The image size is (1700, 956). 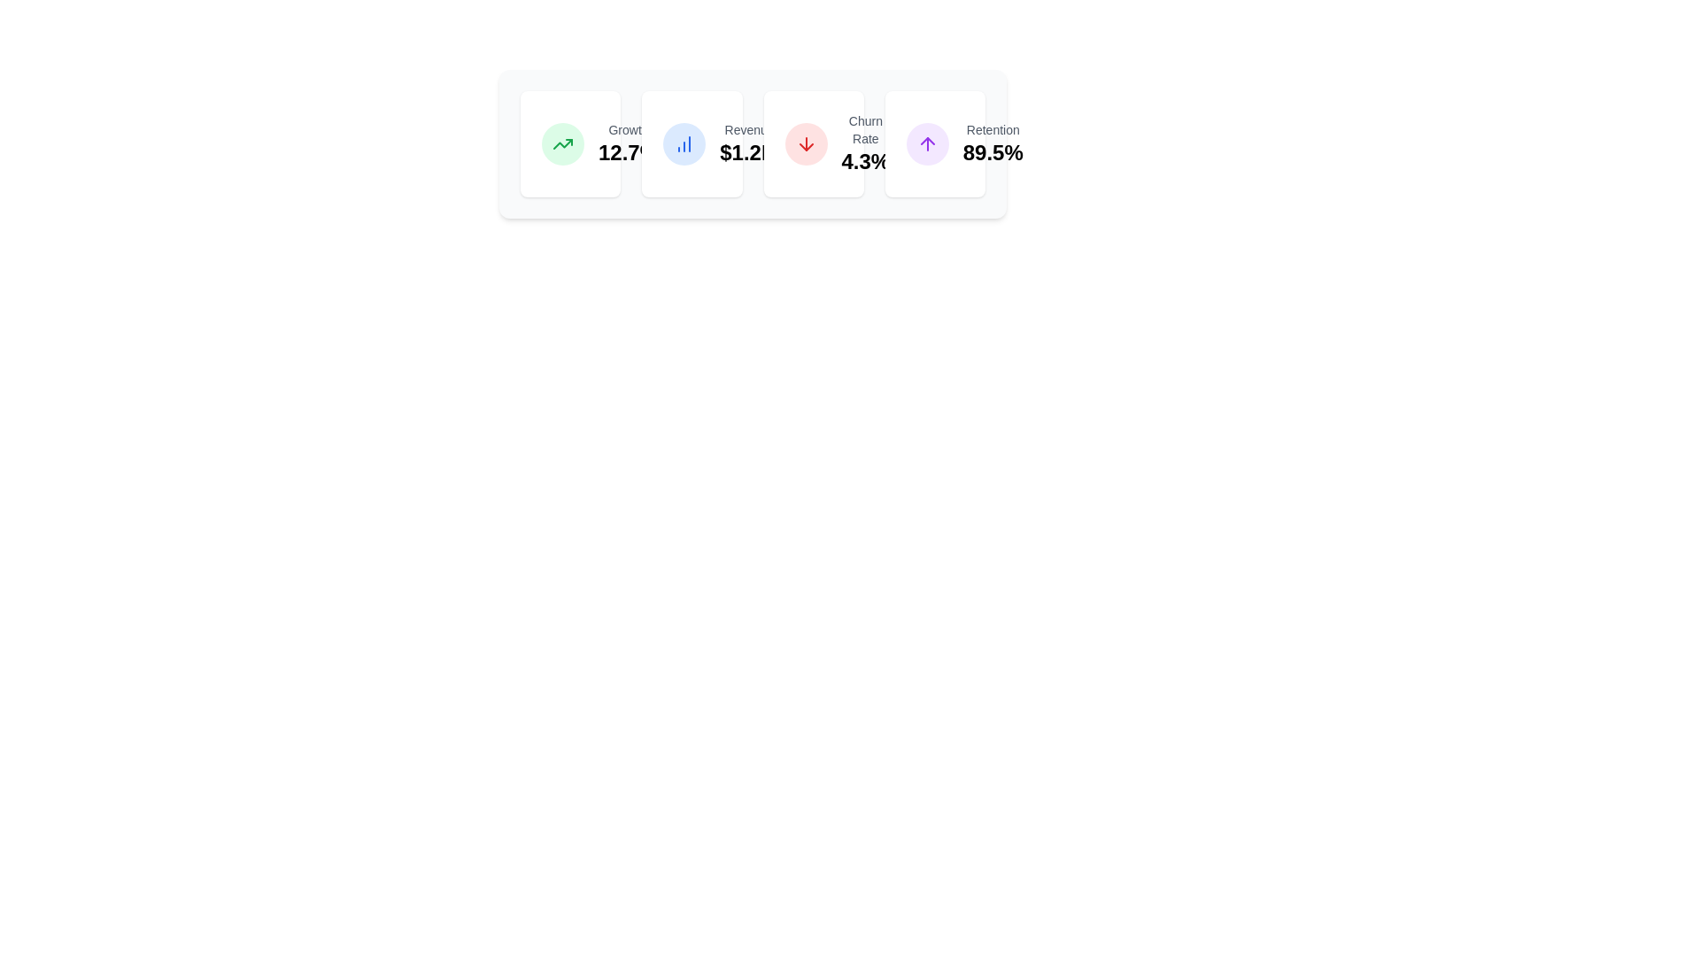 I want to click on the static text label displaying 'Churn Rate', which is styled in a smaller gray font and located above the text '4.3%' within a card-like design, so click(x=865, y=128).